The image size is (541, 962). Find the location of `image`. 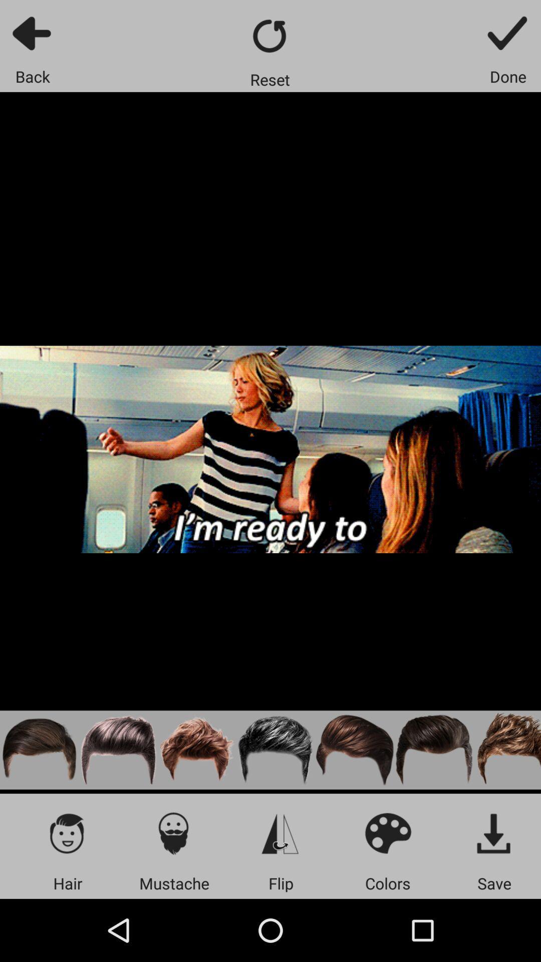

image is located at coordinates (494, 833).